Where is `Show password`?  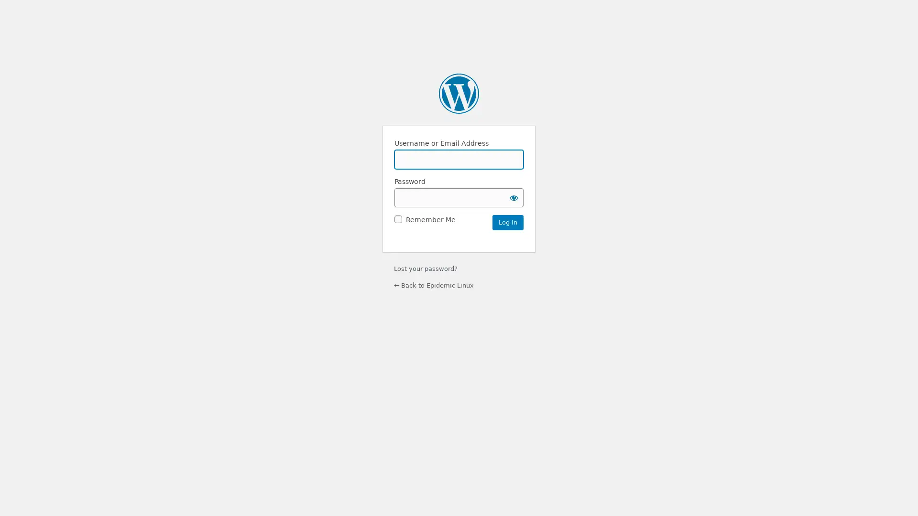 Show password is located at coordinates (514, 196).